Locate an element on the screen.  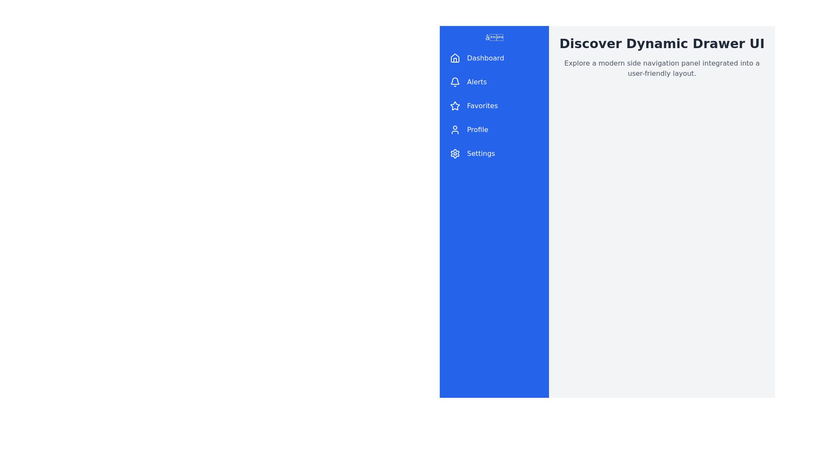
the bell icon located is located at coordinates (454, 81).